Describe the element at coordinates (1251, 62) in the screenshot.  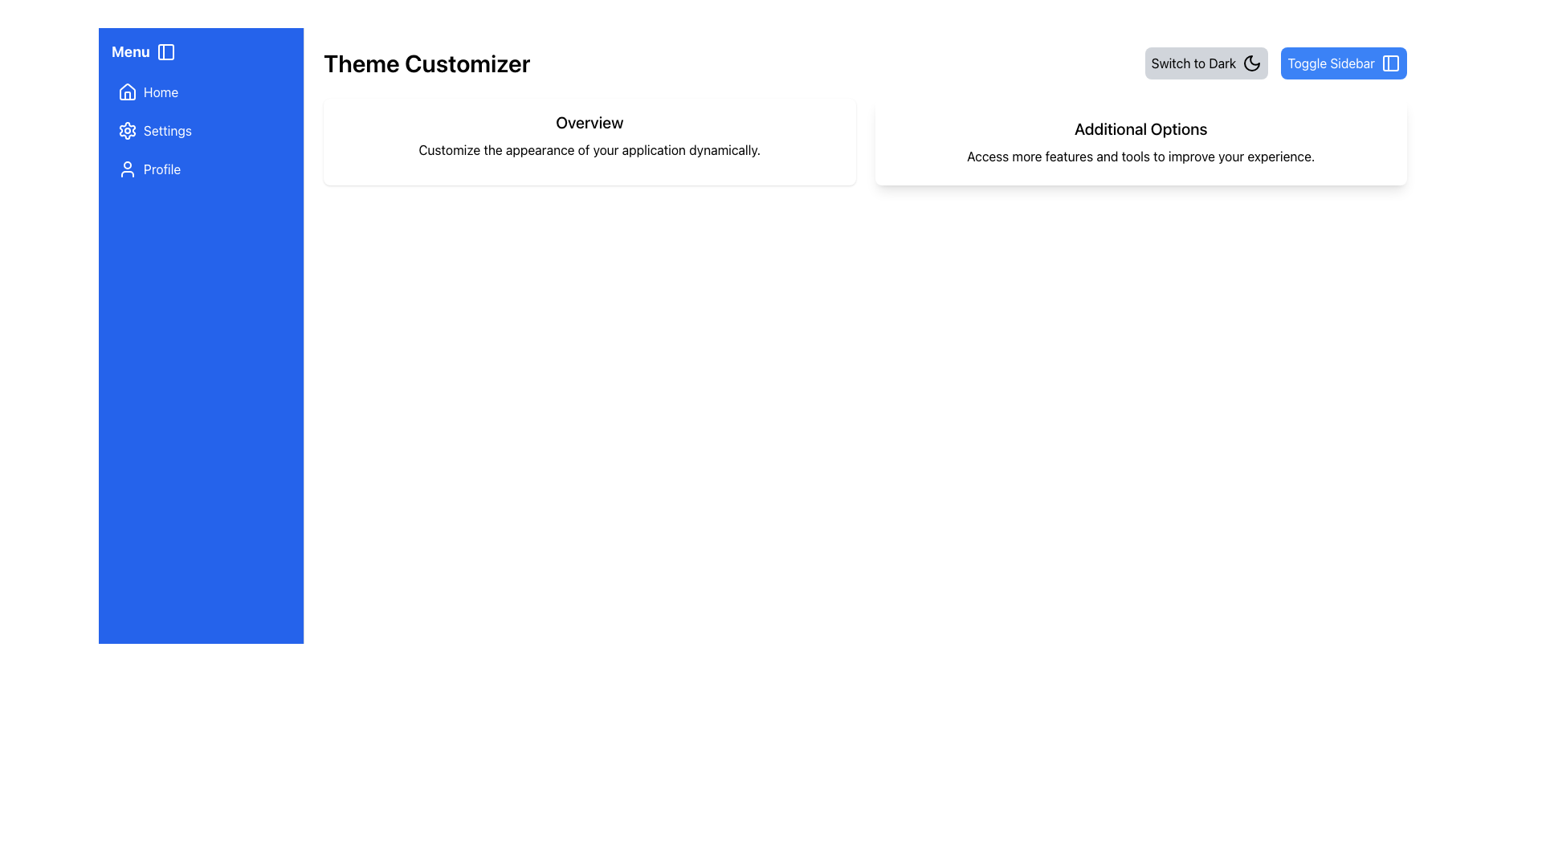
I see `the crescent moon icon, which is part of the 'Switch to Dark' button located in the top-right section of the interface` at that location.